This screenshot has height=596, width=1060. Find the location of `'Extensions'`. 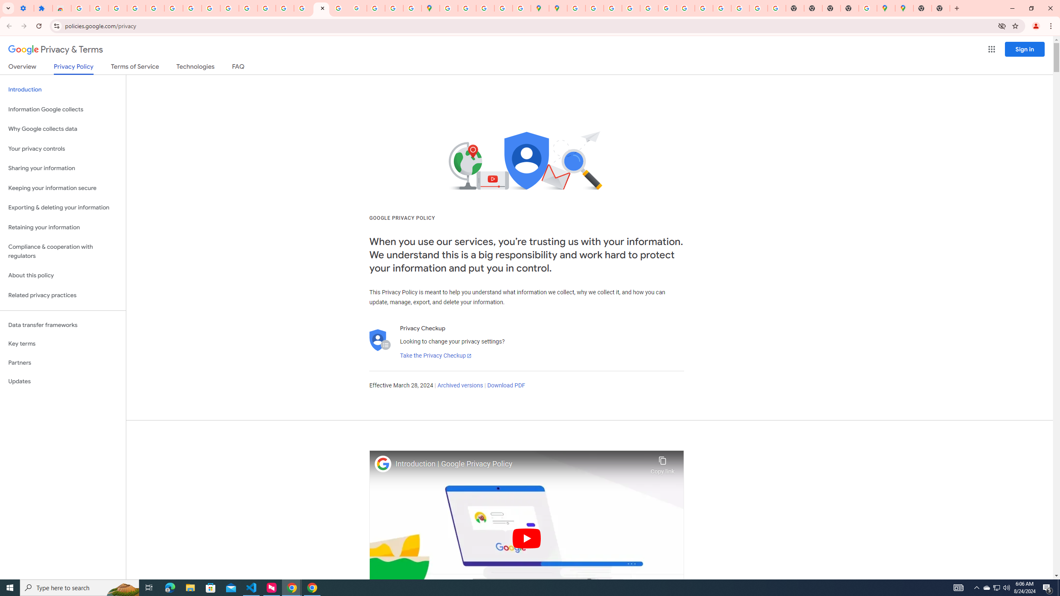

'Extensions' is located at coordinates (43, 8).